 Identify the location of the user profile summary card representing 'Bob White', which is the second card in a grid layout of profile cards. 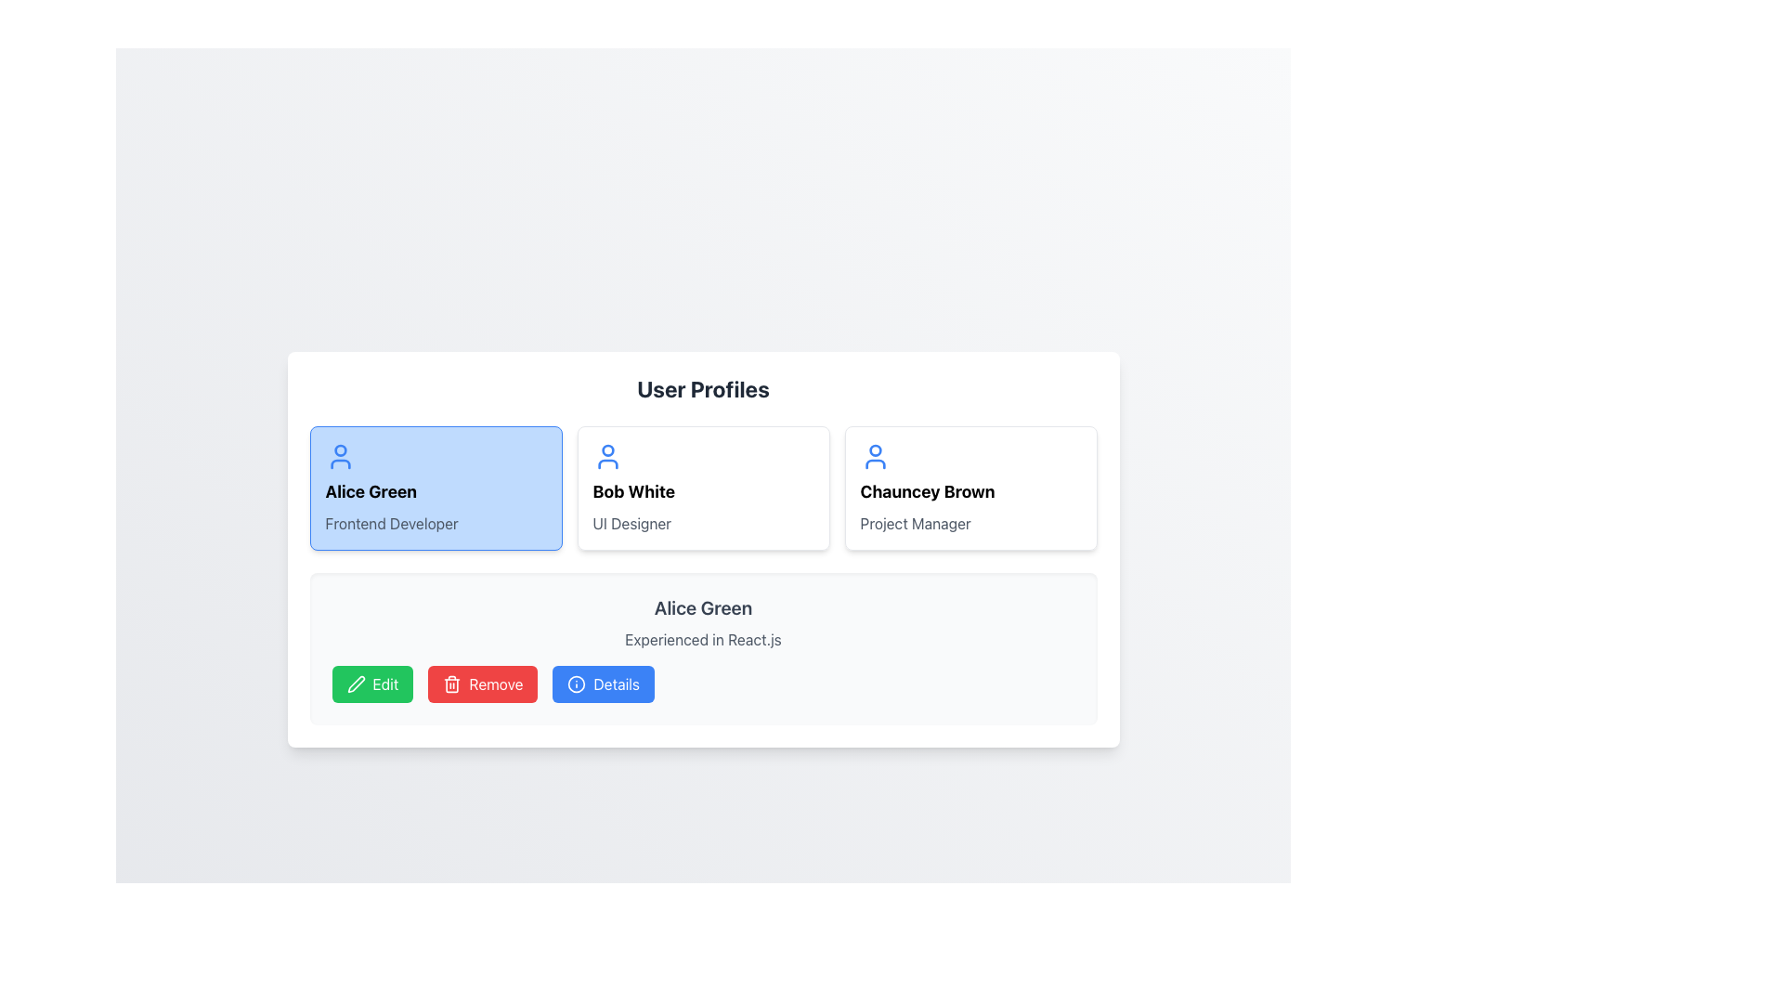
(702, 487).